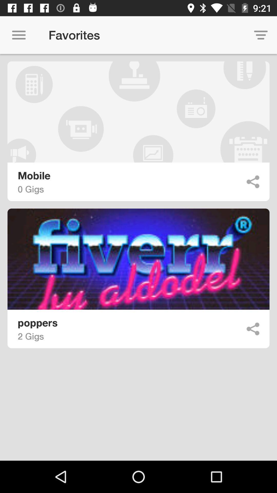  I want to click on share the article, so click(253, 182).